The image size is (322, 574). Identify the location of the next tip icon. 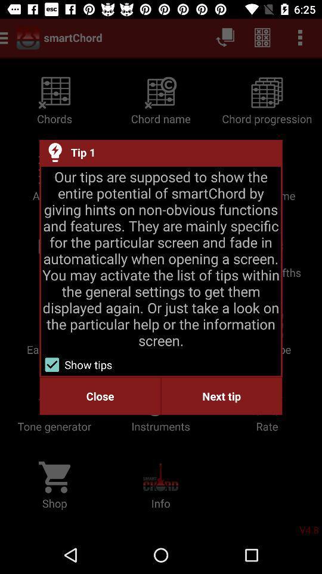
(221, 396).